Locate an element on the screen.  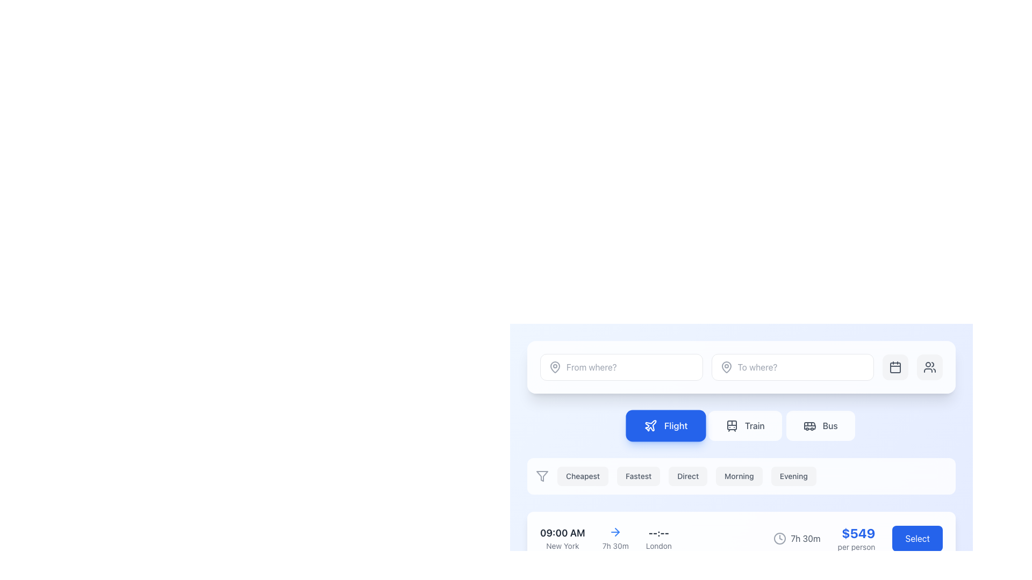
displayed flight information from the Composite component located in the lower right-hand side of the user interface, which includes travel duration, pricing, and a button for selection is located at coordinates (857, 538).